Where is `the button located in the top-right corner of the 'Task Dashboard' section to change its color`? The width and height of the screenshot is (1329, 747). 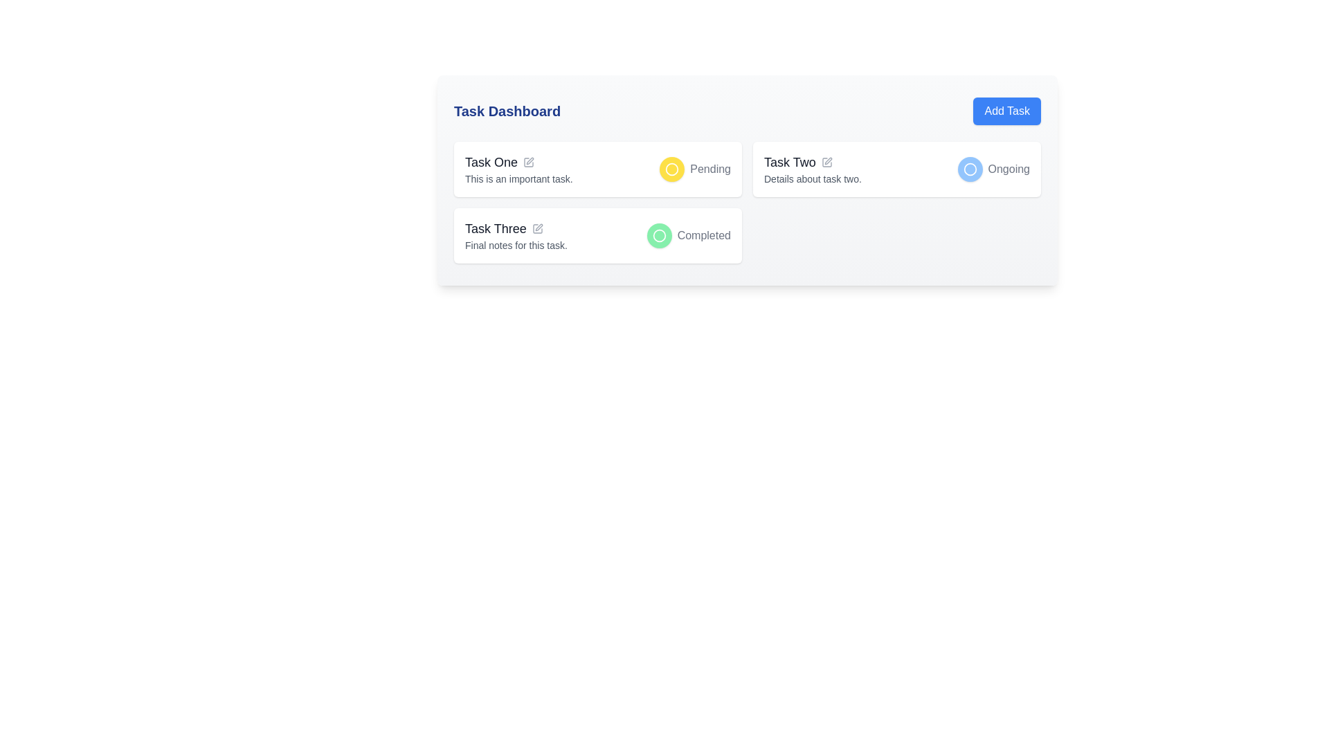 the button located in the top-right corner of the 'Task Dashboard' section to change its color is located at coordinates (1007, 111).